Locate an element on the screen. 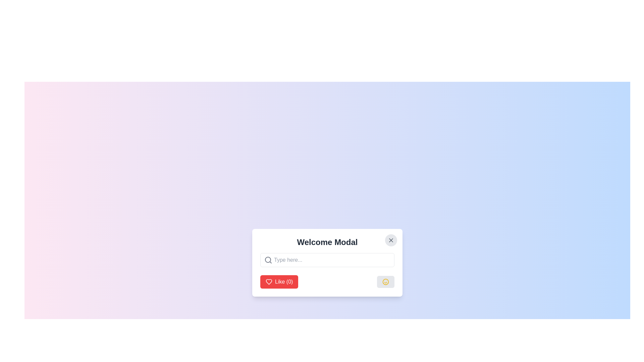 The width and height of the screenshot is (644, 362). the button with a centered smiley face icon in a modal window at the bottom right corner is located at coordinates (386, 282).